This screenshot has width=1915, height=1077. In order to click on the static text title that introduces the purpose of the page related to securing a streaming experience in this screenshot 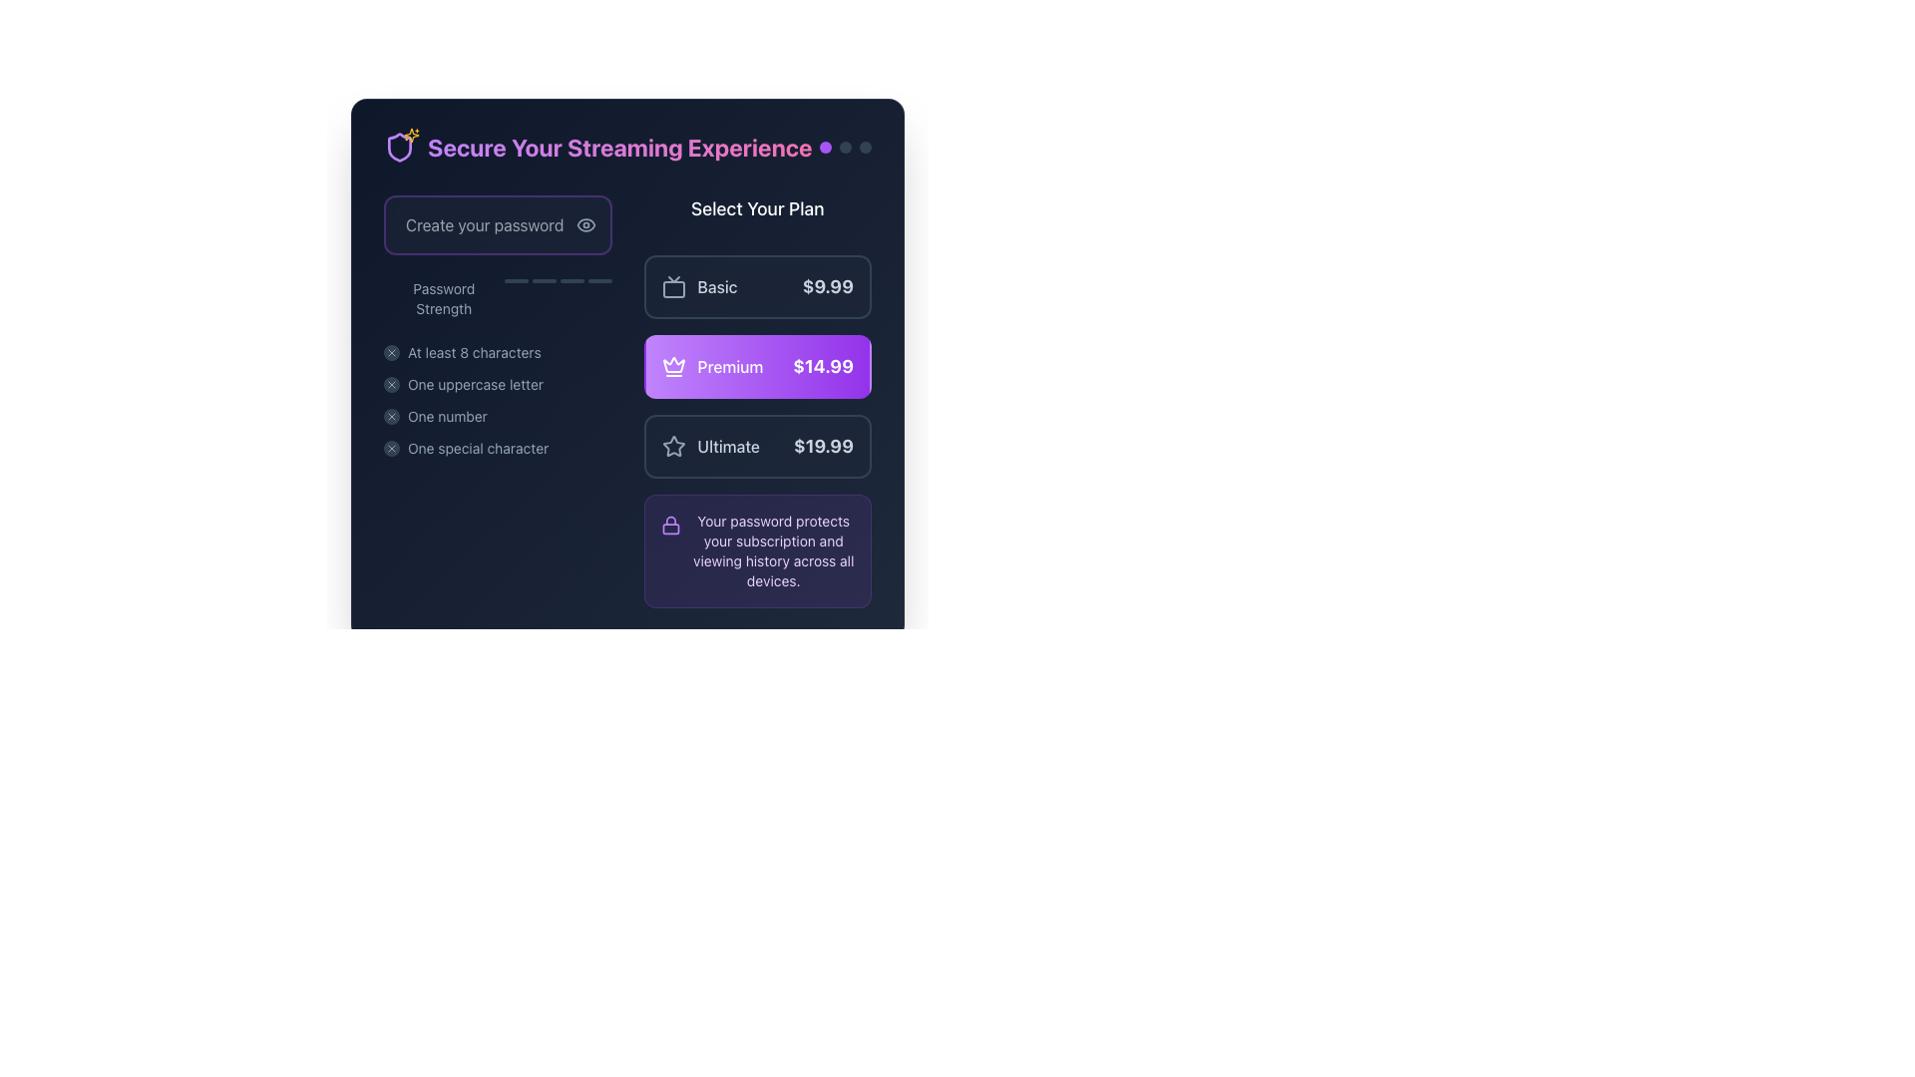, I will do `click(618, 146)`.